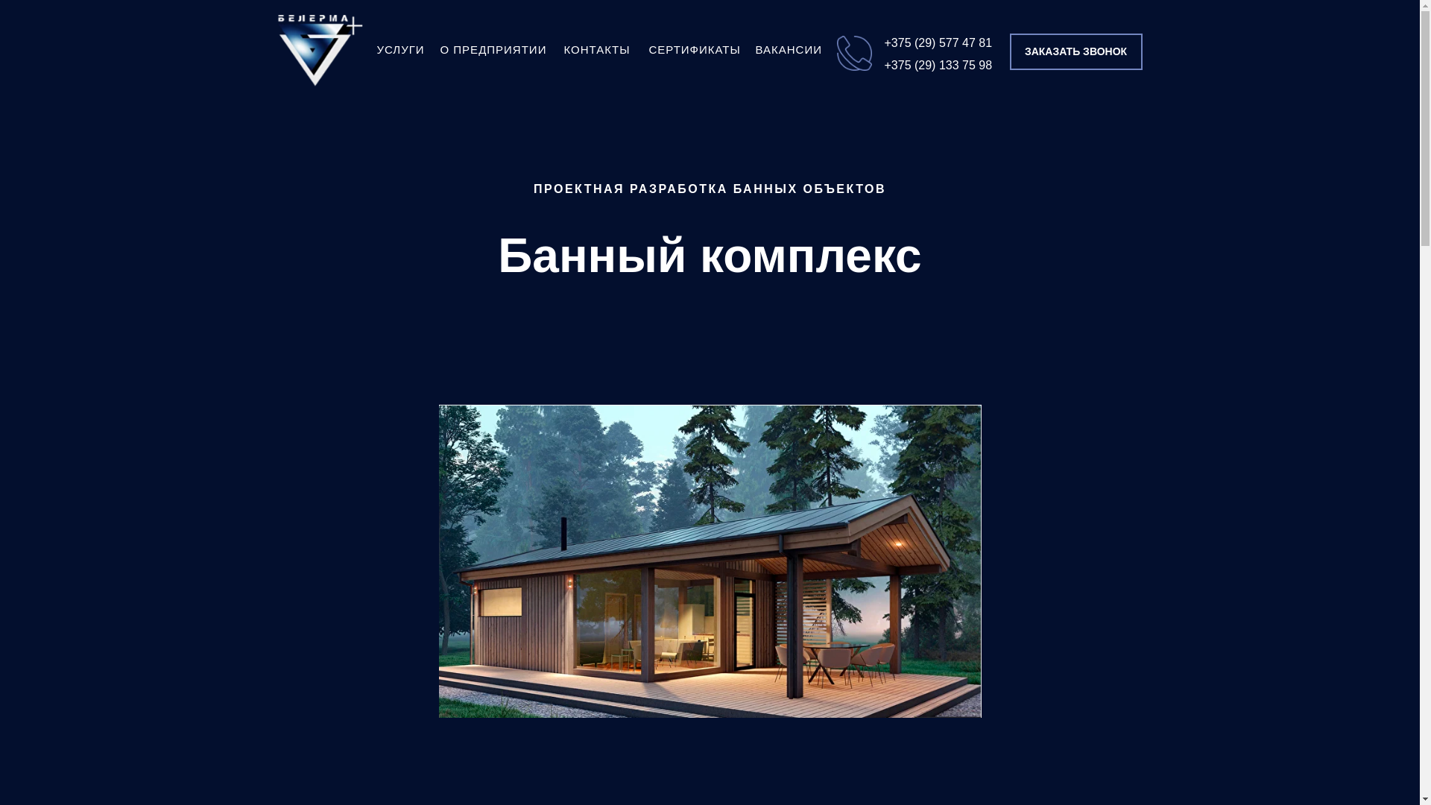 The image size is (1431, 805). I want to click on '+375 (29) 133 75 98', so click(883, 64).